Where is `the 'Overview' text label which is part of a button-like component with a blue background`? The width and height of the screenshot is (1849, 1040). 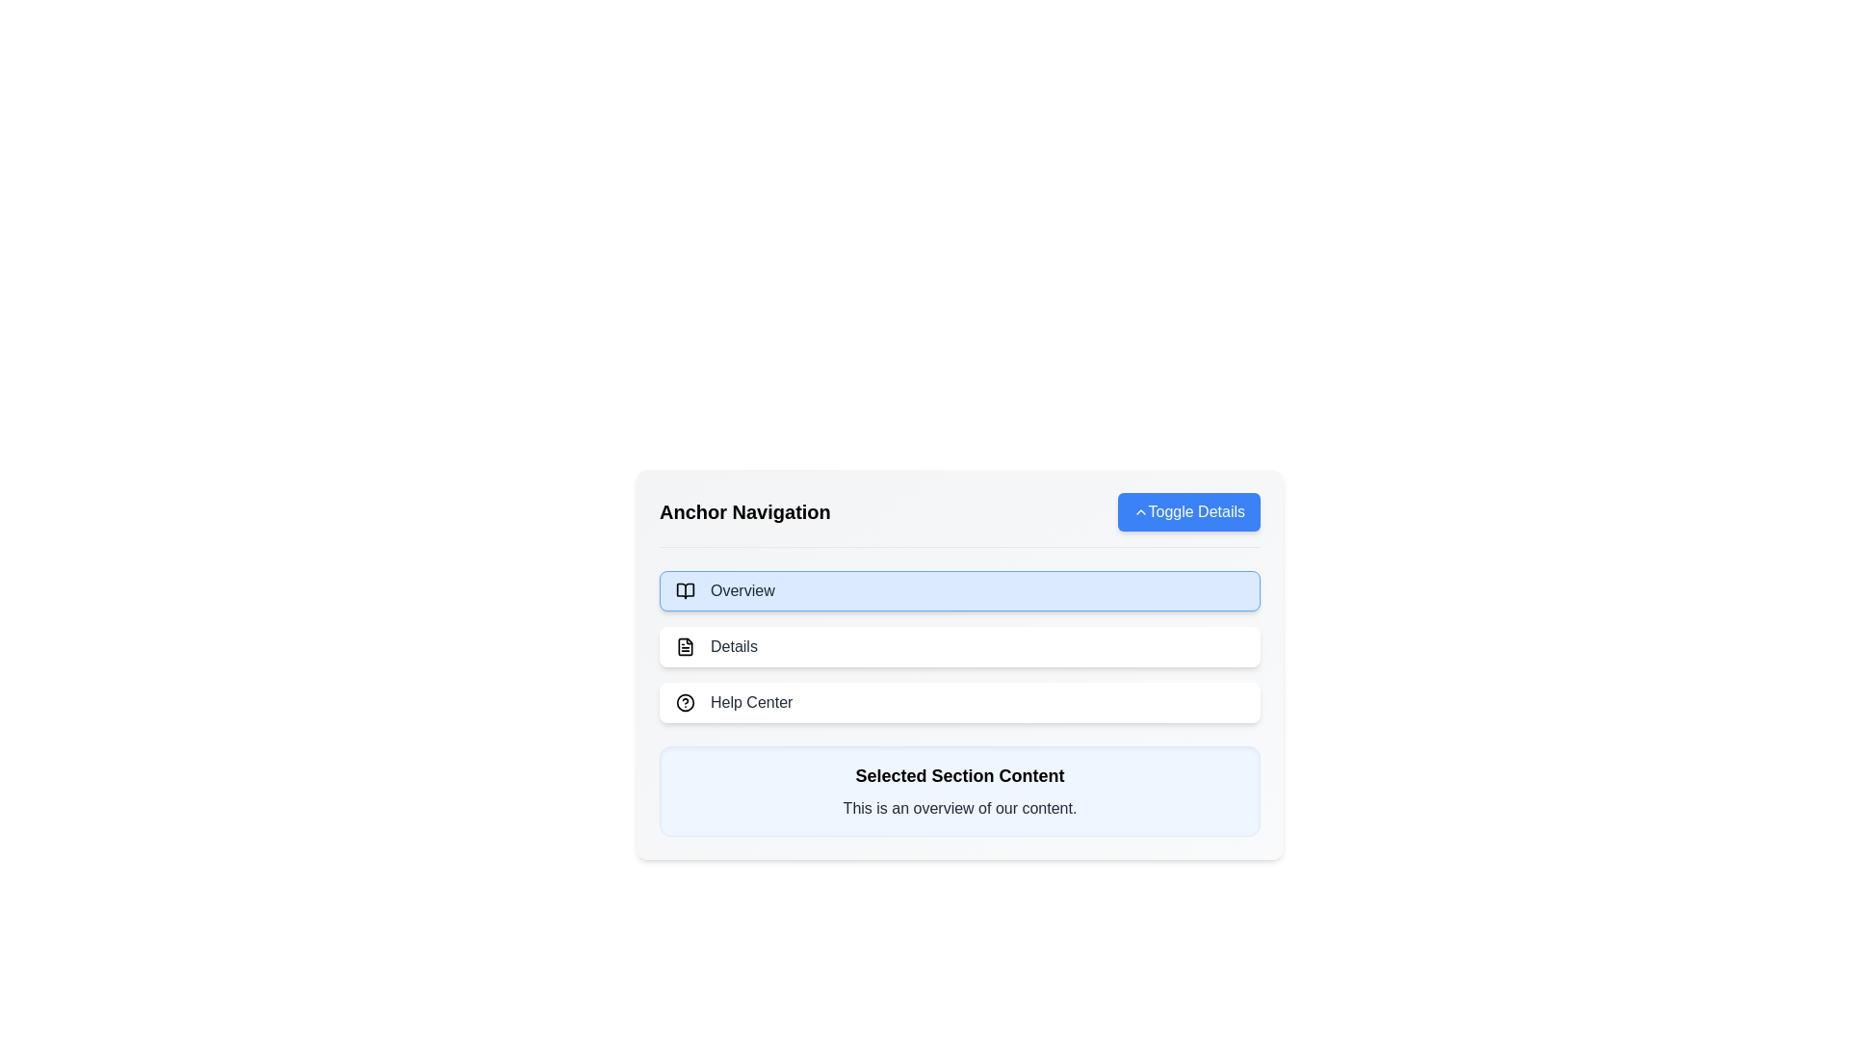 the 'Overview' text label which is part of a button-like component with a blue background is located at coordinates (742, 589).